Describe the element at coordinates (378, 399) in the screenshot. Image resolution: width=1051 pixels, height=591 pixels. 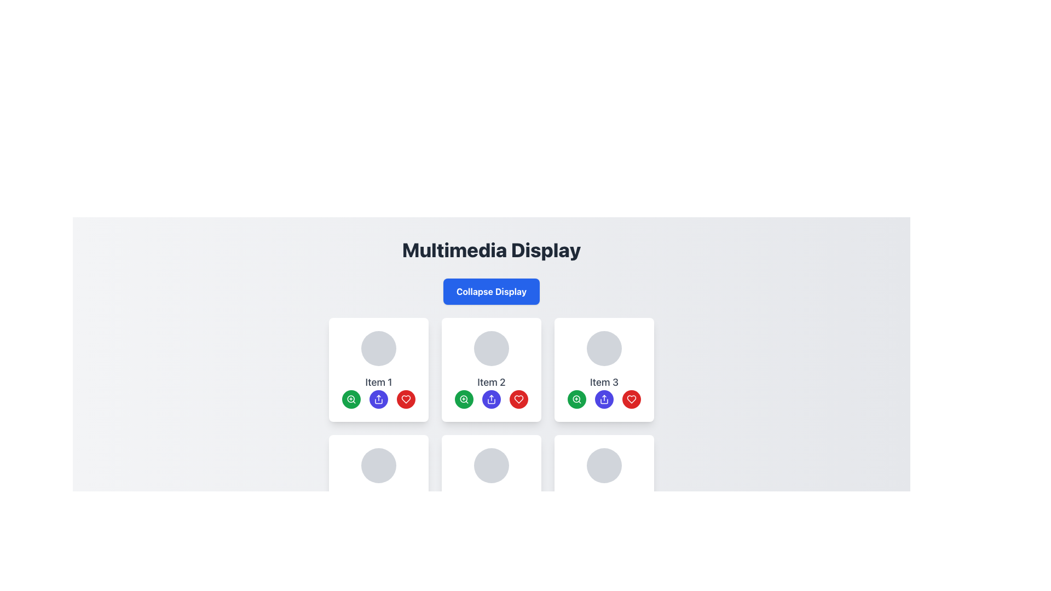
I see `the small circular button with a dark blue background containing a share icon, located beneath the user avatar and 'Item 2' label` at that location.